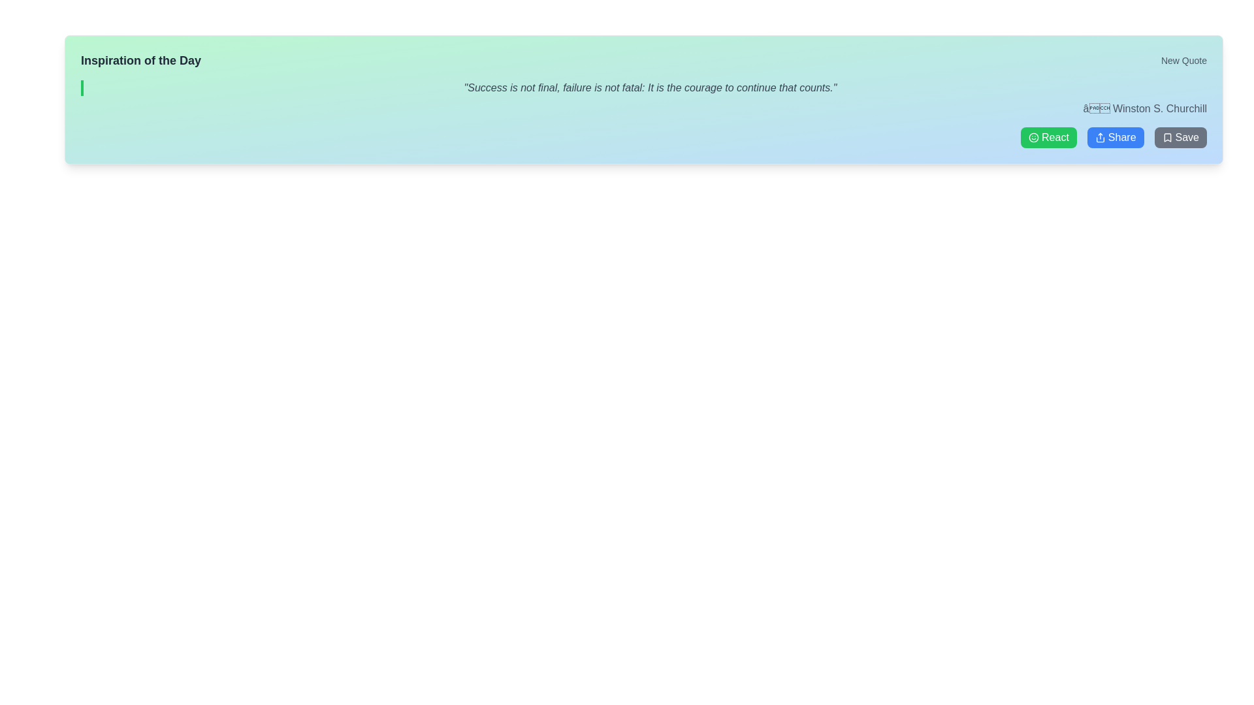 The image size is (1254, 705). Describe the element at coordinates (1180, 138) in the screenshot. I see `the gray 'Save' button with a bookmark icon to trigger the visual hover effect` at that location.